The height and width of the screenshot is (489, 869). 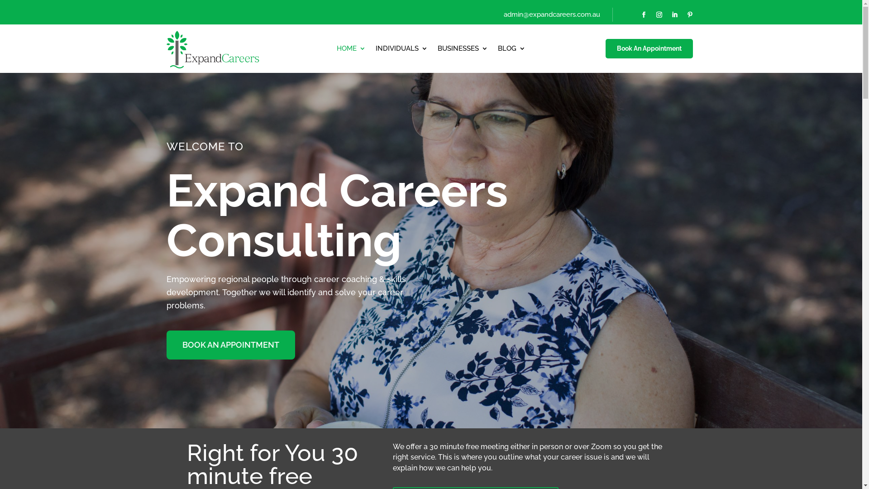 I want to click on 'HOME', so click(x=351, y=50).